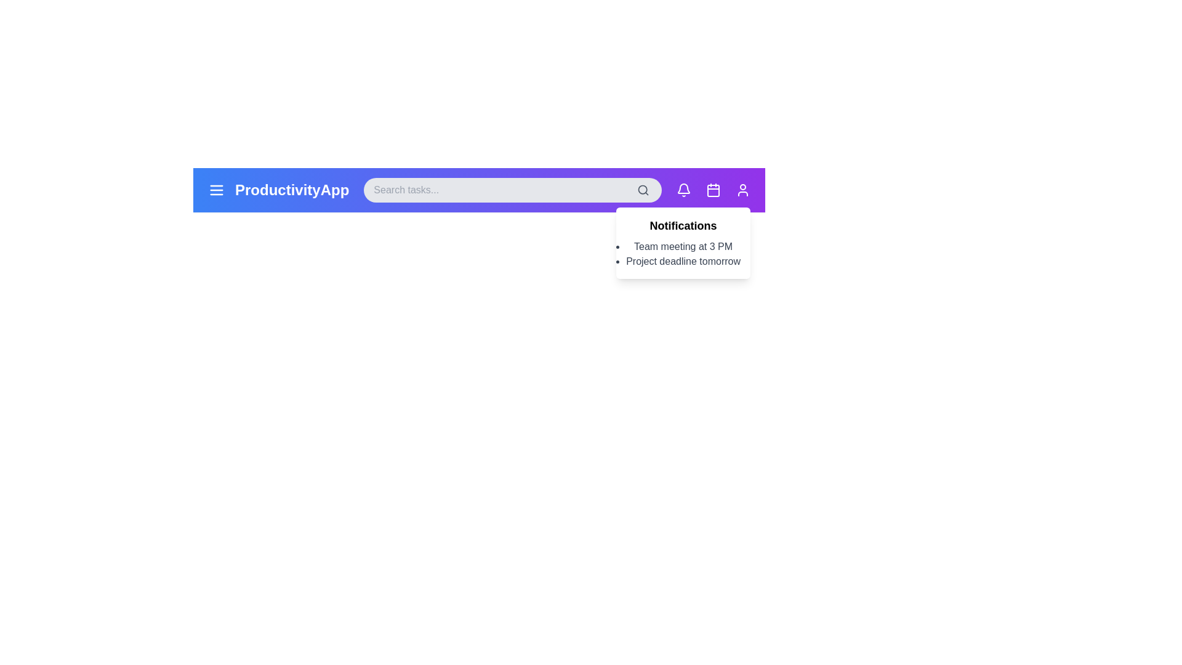 This screenshot has width=1182, height=665. I want to click on the search bar and type the text 'meeting notes', so click(513, 190).